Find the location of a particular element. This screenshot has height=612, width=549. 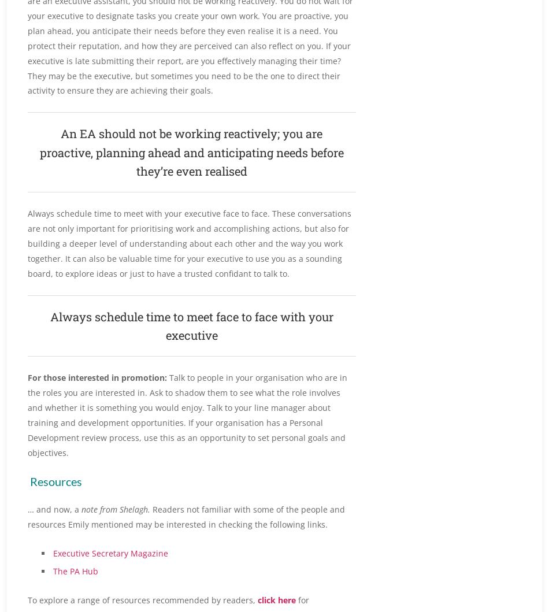

'An EA should not be working reactively; you are proactive, planning ahead and anticipating needs before they’re even realised' is located at coordinates (190, 151).